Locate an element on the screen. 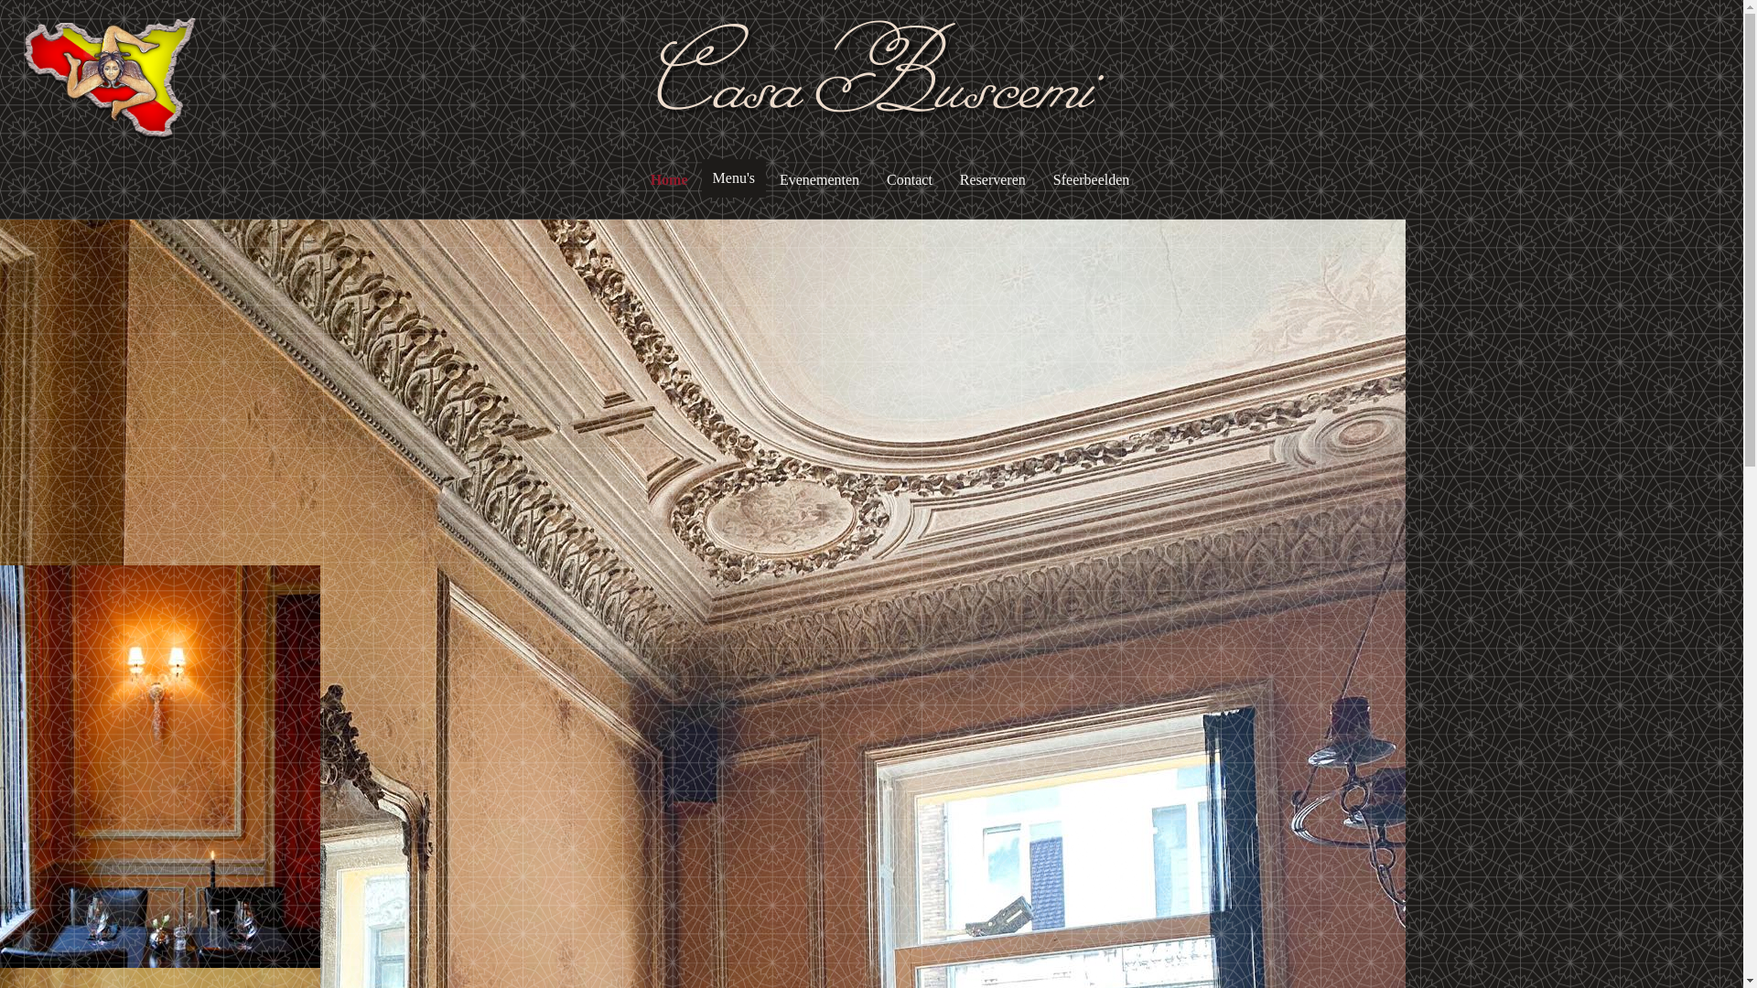 Image resolution: width=1757 pixels, height=988 pixels. 'Sfeerbeelden' is located at coordinates (1049, 179).